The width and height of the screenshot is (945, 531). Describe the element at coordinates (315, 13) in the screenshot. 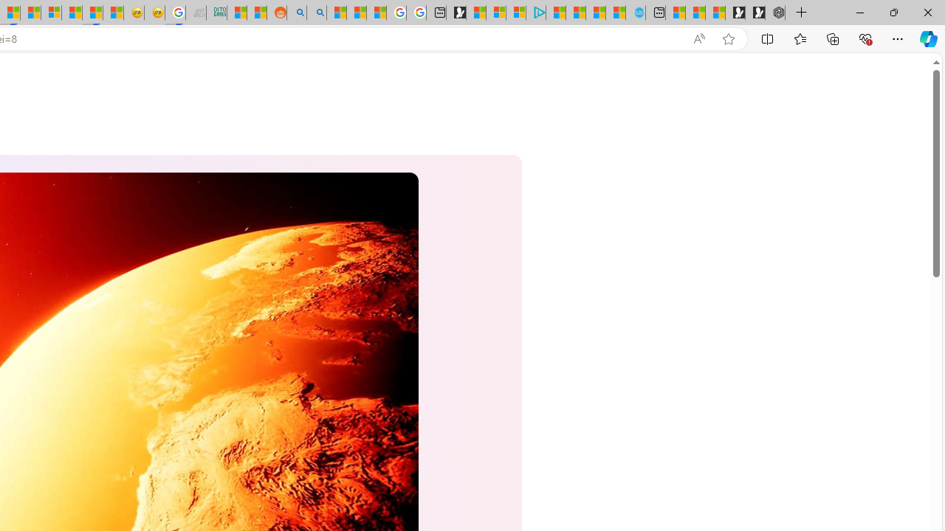

I see `'Utah sues federal government - Search'` at that location.